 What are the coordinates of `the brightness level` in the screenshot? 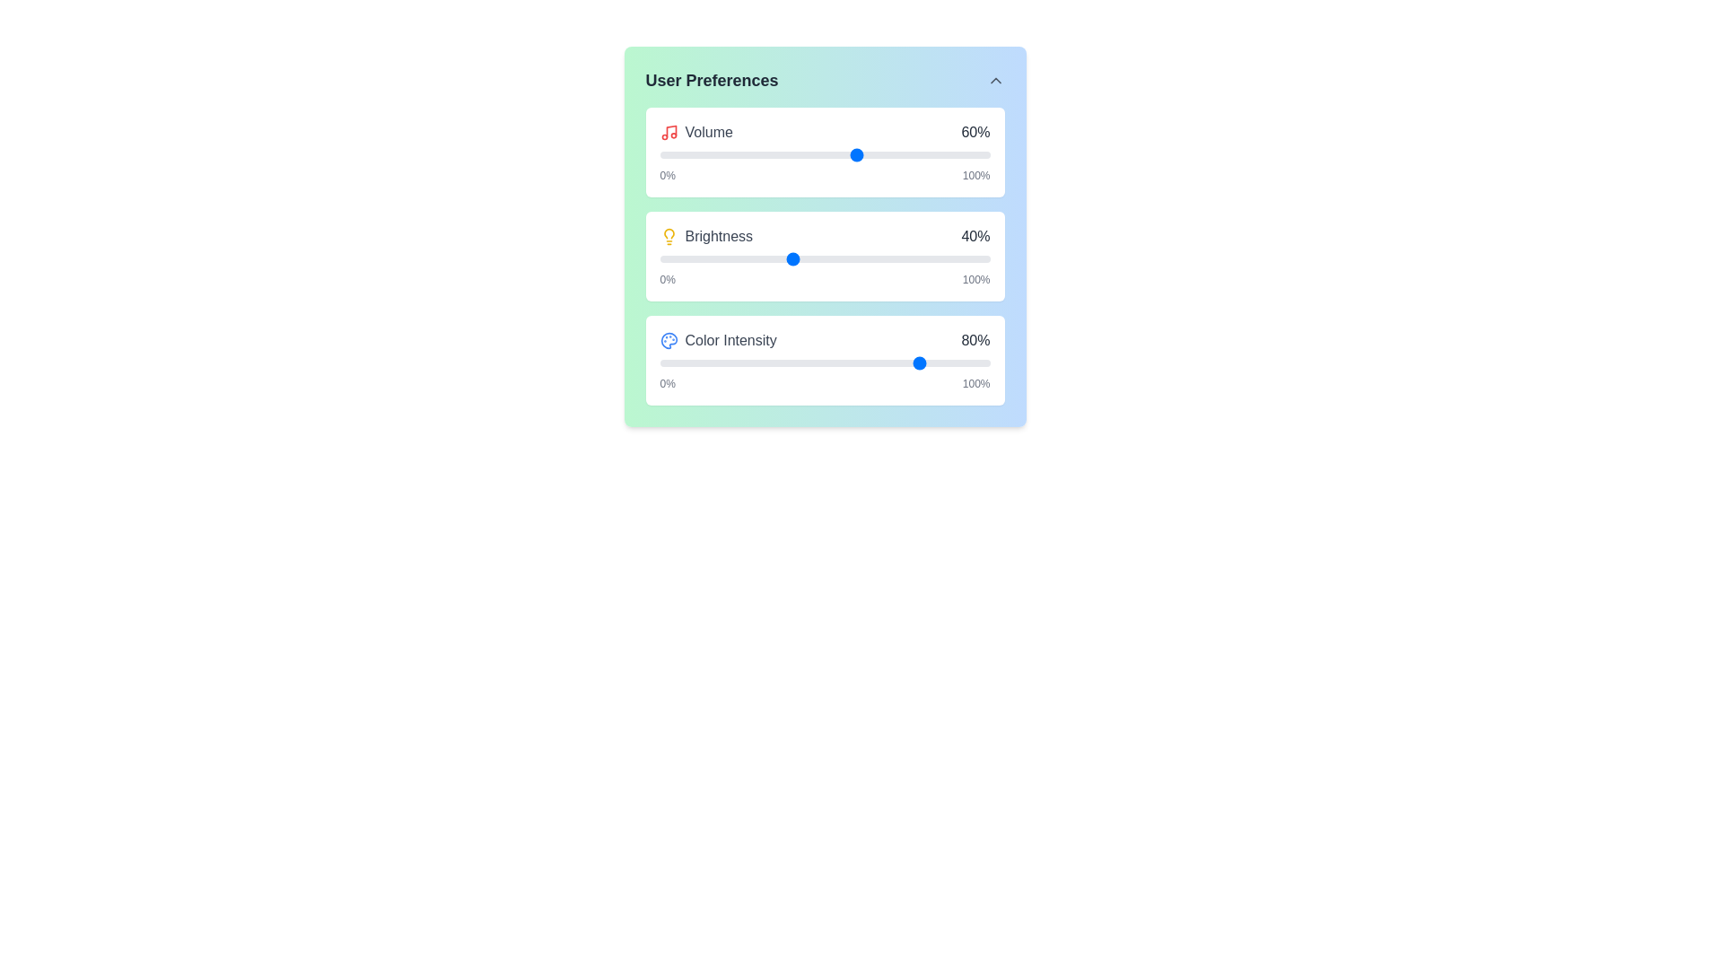 It's located at (975, 259).